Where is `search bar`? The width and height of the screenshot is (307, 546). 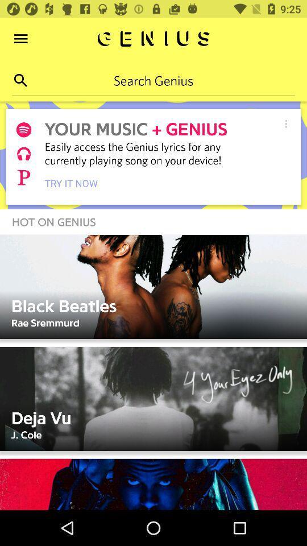 search bar is located at coordinates (153, 80).